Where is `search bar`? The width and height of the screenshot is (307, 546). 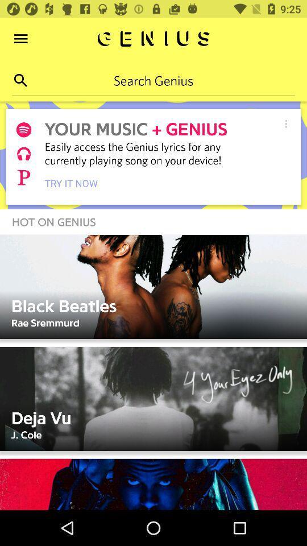 search bar is located at coordinates (153, 80).